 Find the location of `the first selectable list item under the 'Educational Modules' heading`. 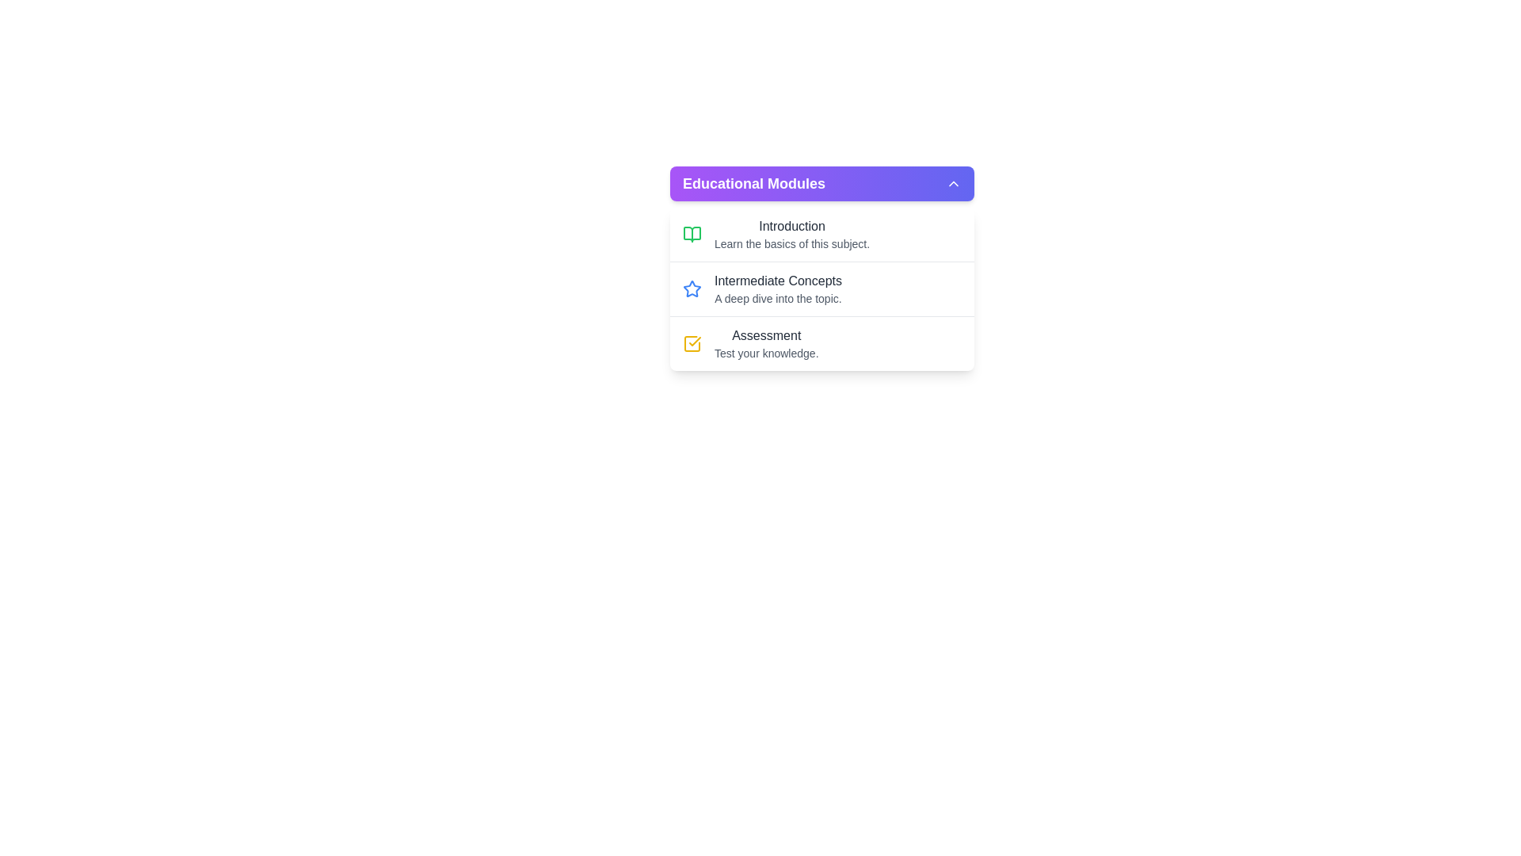

the first selectable list item under the 'Educational Modules' heading is located at coordinates (821, 235).